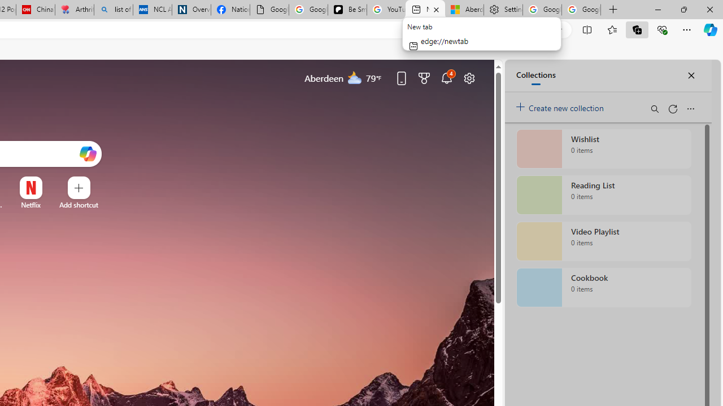 Image resolution: width=723 pixels, height=406 pixels. I want to click on 'Mostly cloudy', so click(354, 77).